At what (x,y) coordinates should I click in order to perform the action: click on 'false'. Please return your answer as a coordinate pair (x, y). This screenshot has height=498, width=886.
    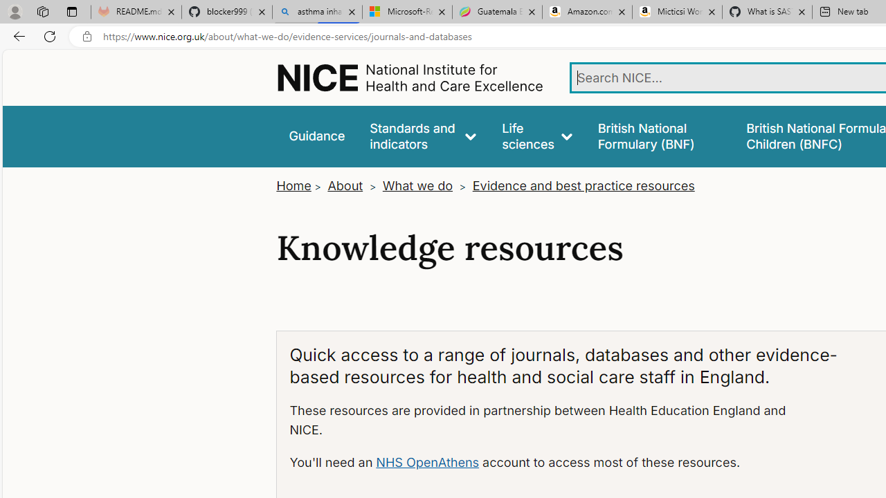
    Looking at the image, I should click on (658, 136).